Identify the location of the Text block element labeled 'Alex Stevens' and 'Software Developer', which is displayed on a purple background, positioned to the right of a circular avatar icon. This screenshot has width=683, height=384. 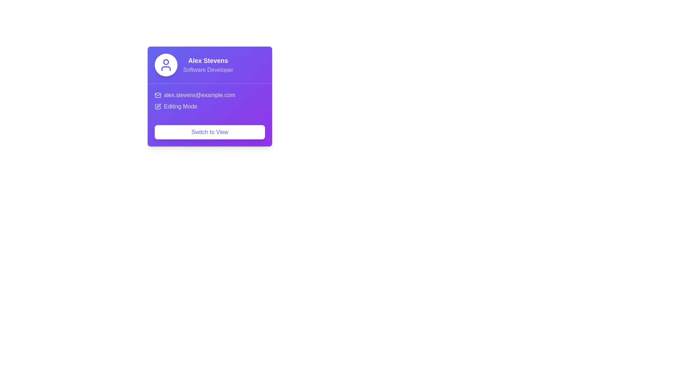
(208, 65).